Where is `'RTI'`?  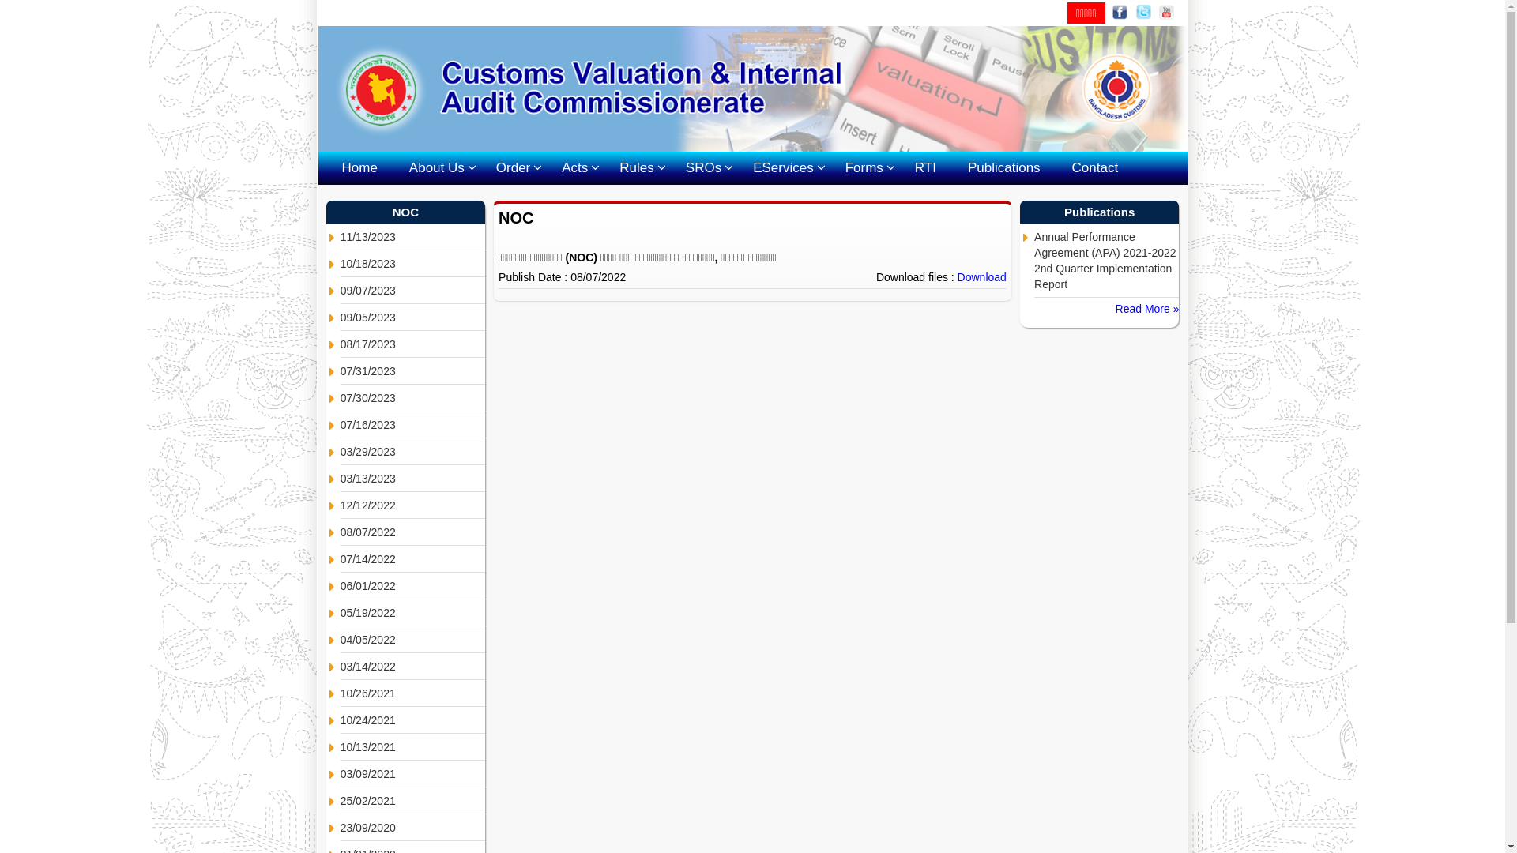
'RTI' is located at coordinates (925, 167).